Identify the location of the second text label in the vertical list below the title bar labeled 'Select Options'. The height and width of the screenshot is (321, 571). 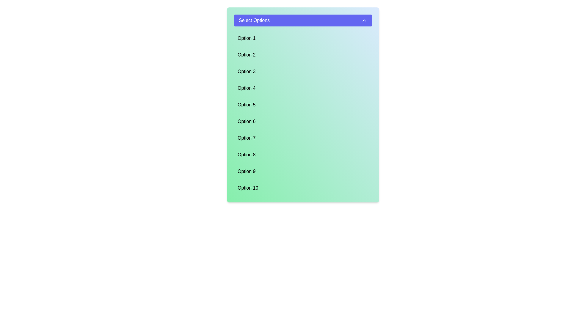
(247, 55).